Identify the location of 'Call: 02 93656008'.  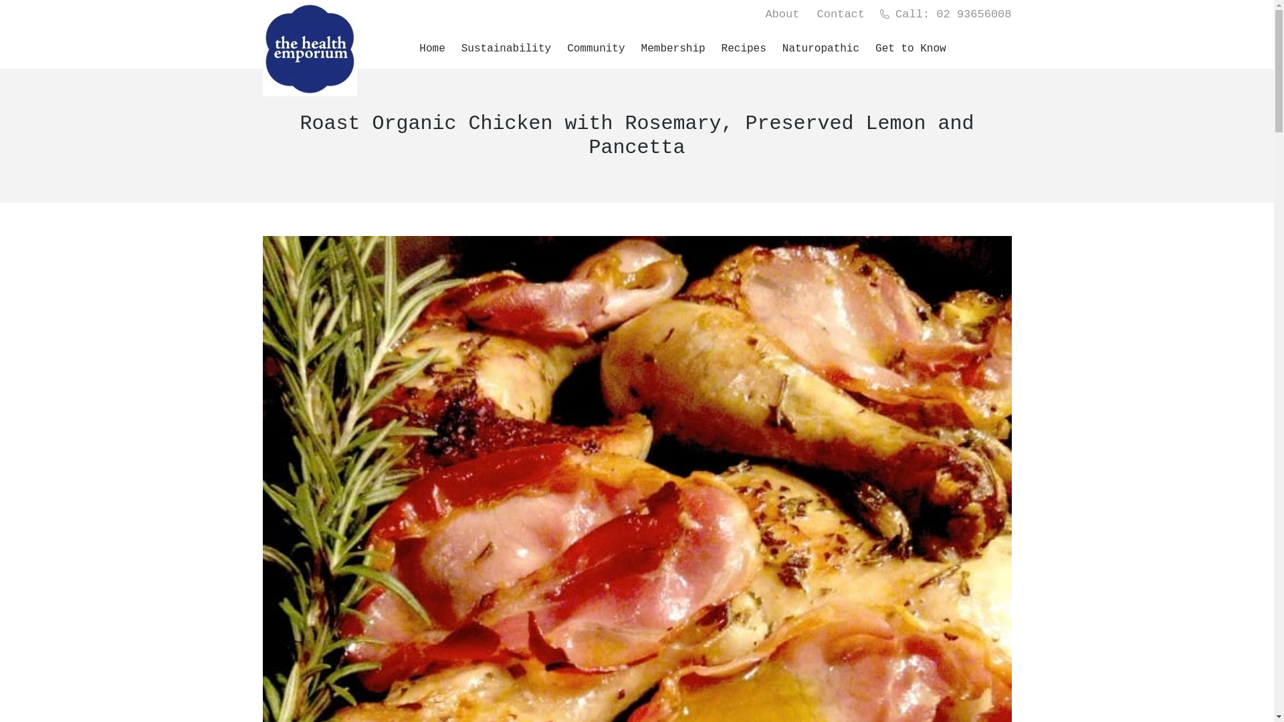
(878, 14).